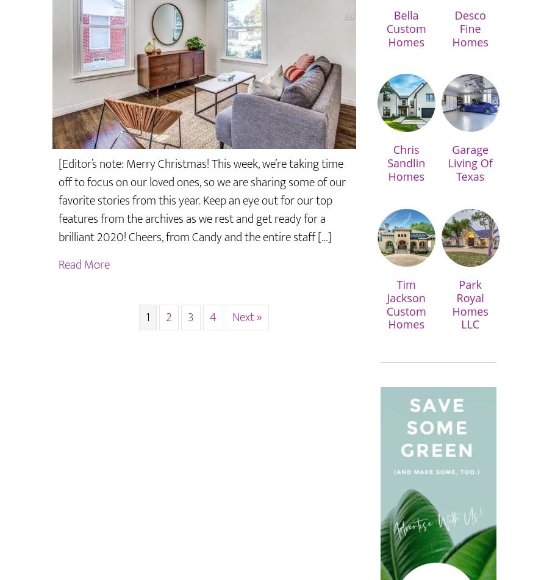  Describe the element at coordinates (83, 264) in the screenshot. I see `'Read More'` at that location.